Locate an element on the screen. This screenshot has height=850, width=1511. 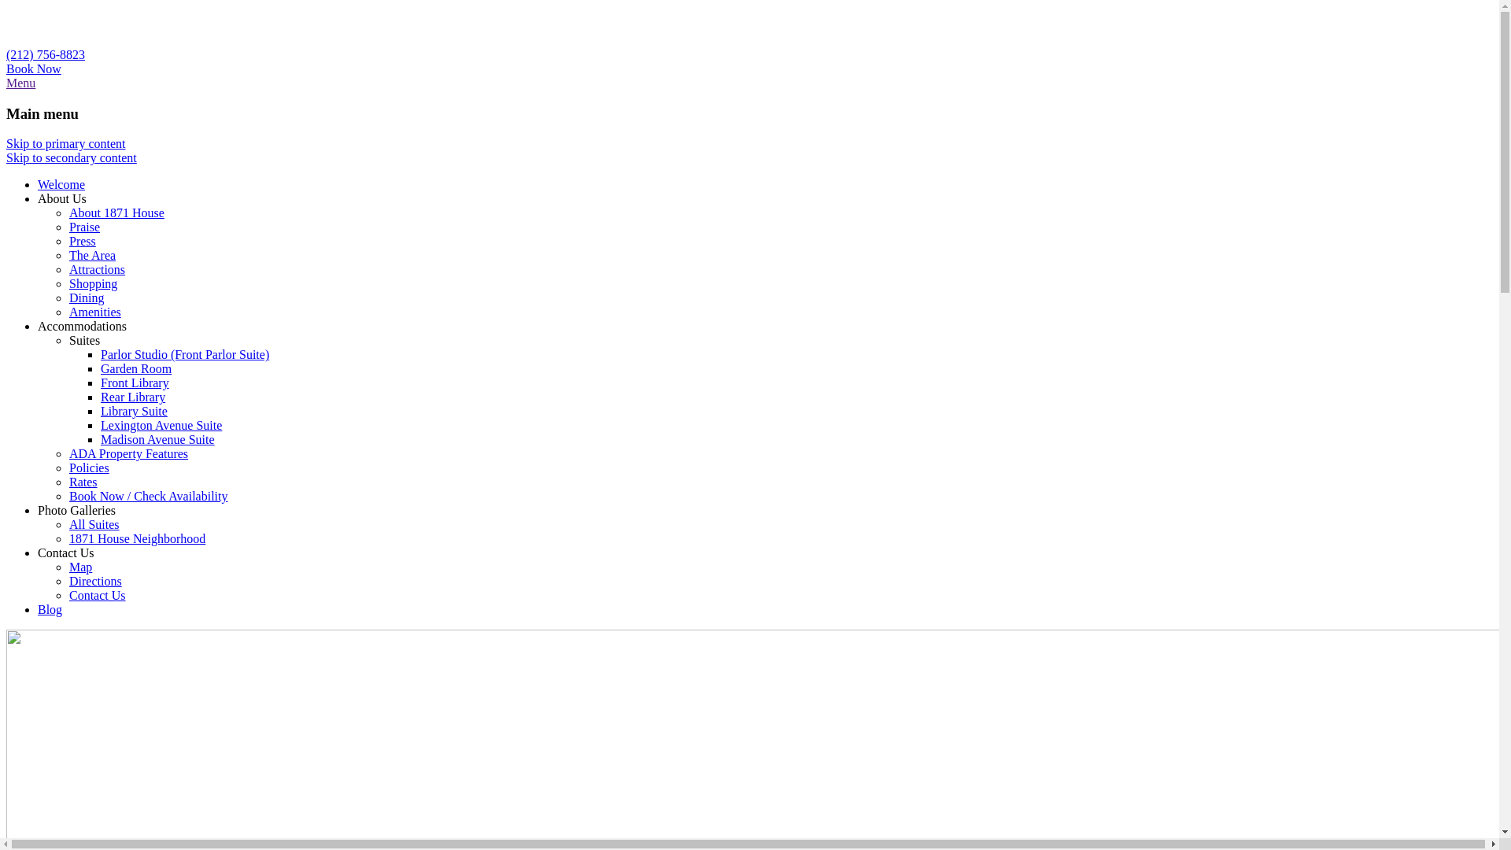
'ADA Property Features' is located at coordinates (128, 453).